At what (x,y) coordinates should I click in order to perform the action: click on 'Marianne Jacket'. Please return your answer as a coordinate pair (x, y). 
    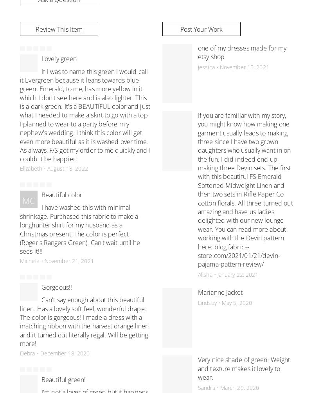
    Looking at the image, I should click on (197, 292).